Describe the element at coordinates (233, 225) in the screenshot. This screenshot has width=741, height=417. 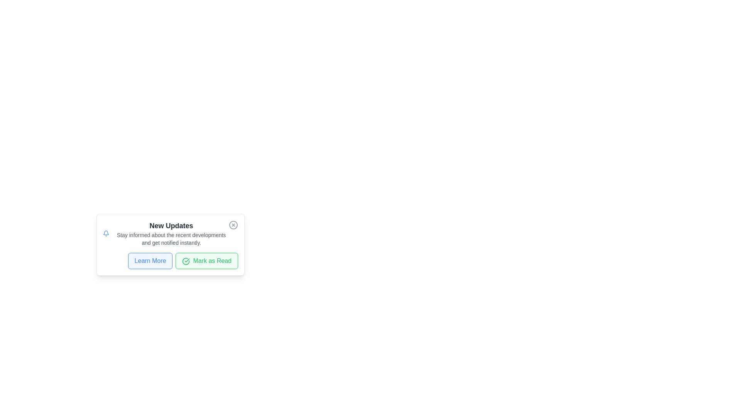
I see `the circular dismiss button with an 'x' symbol inside, located at the top-right corner of the 'New Updates' notification card` at that location.